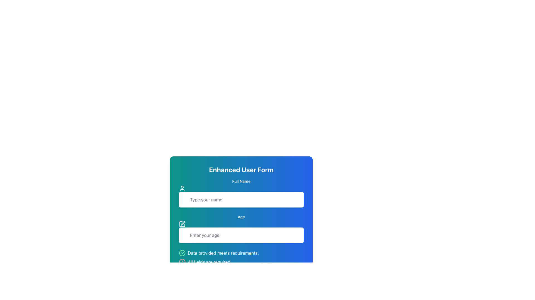  What do you see at coordinates (241, 216) in the screenshot?
I see `the text label reading 'Age', which is positioned above the input field with the placeholder 'Enter your age'` at bounding box center [241, 216].